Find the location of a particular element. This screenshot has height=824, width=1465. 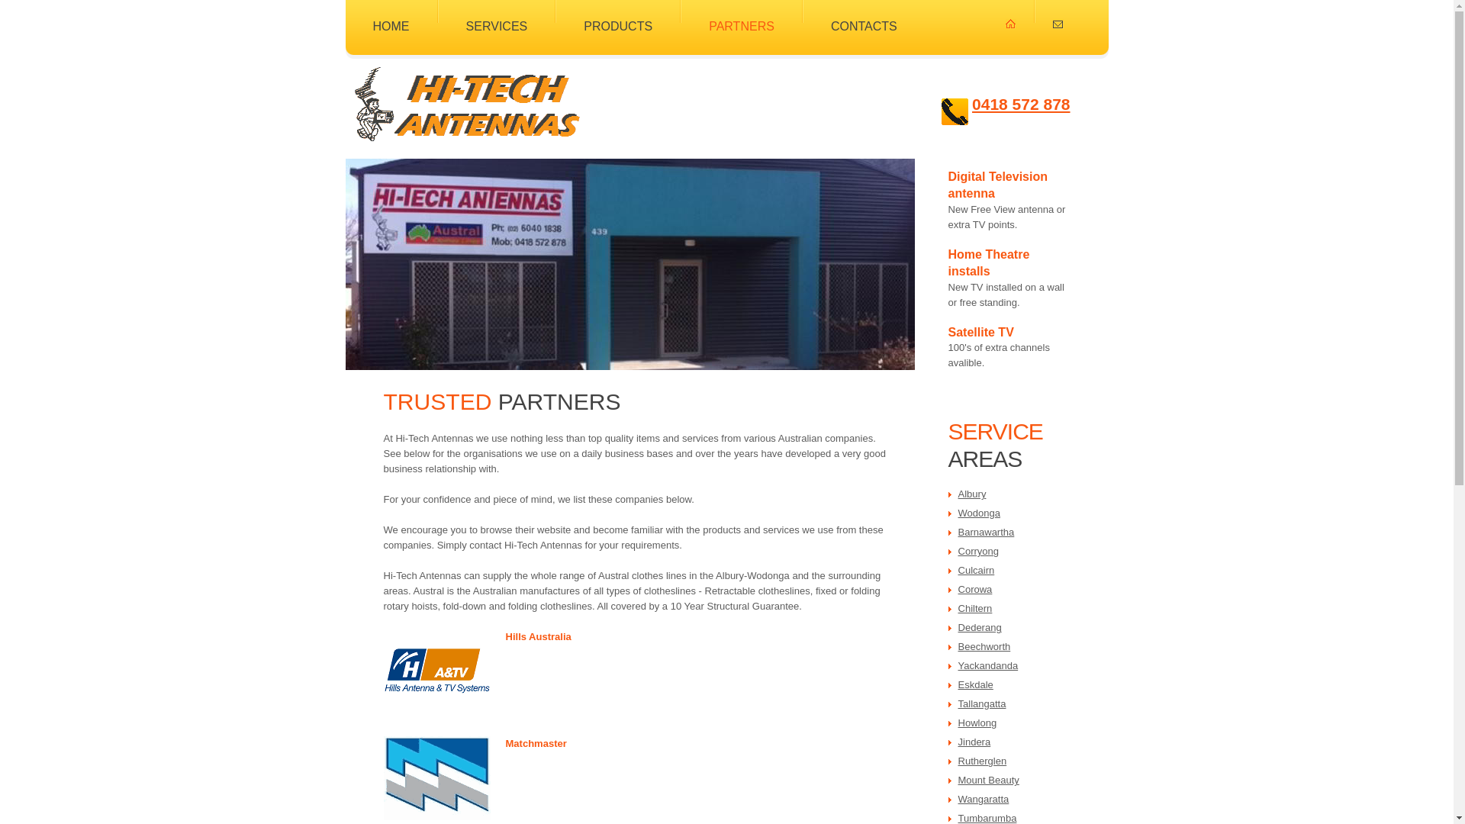

'PARTNERS' is located at coordinates (741, 17).